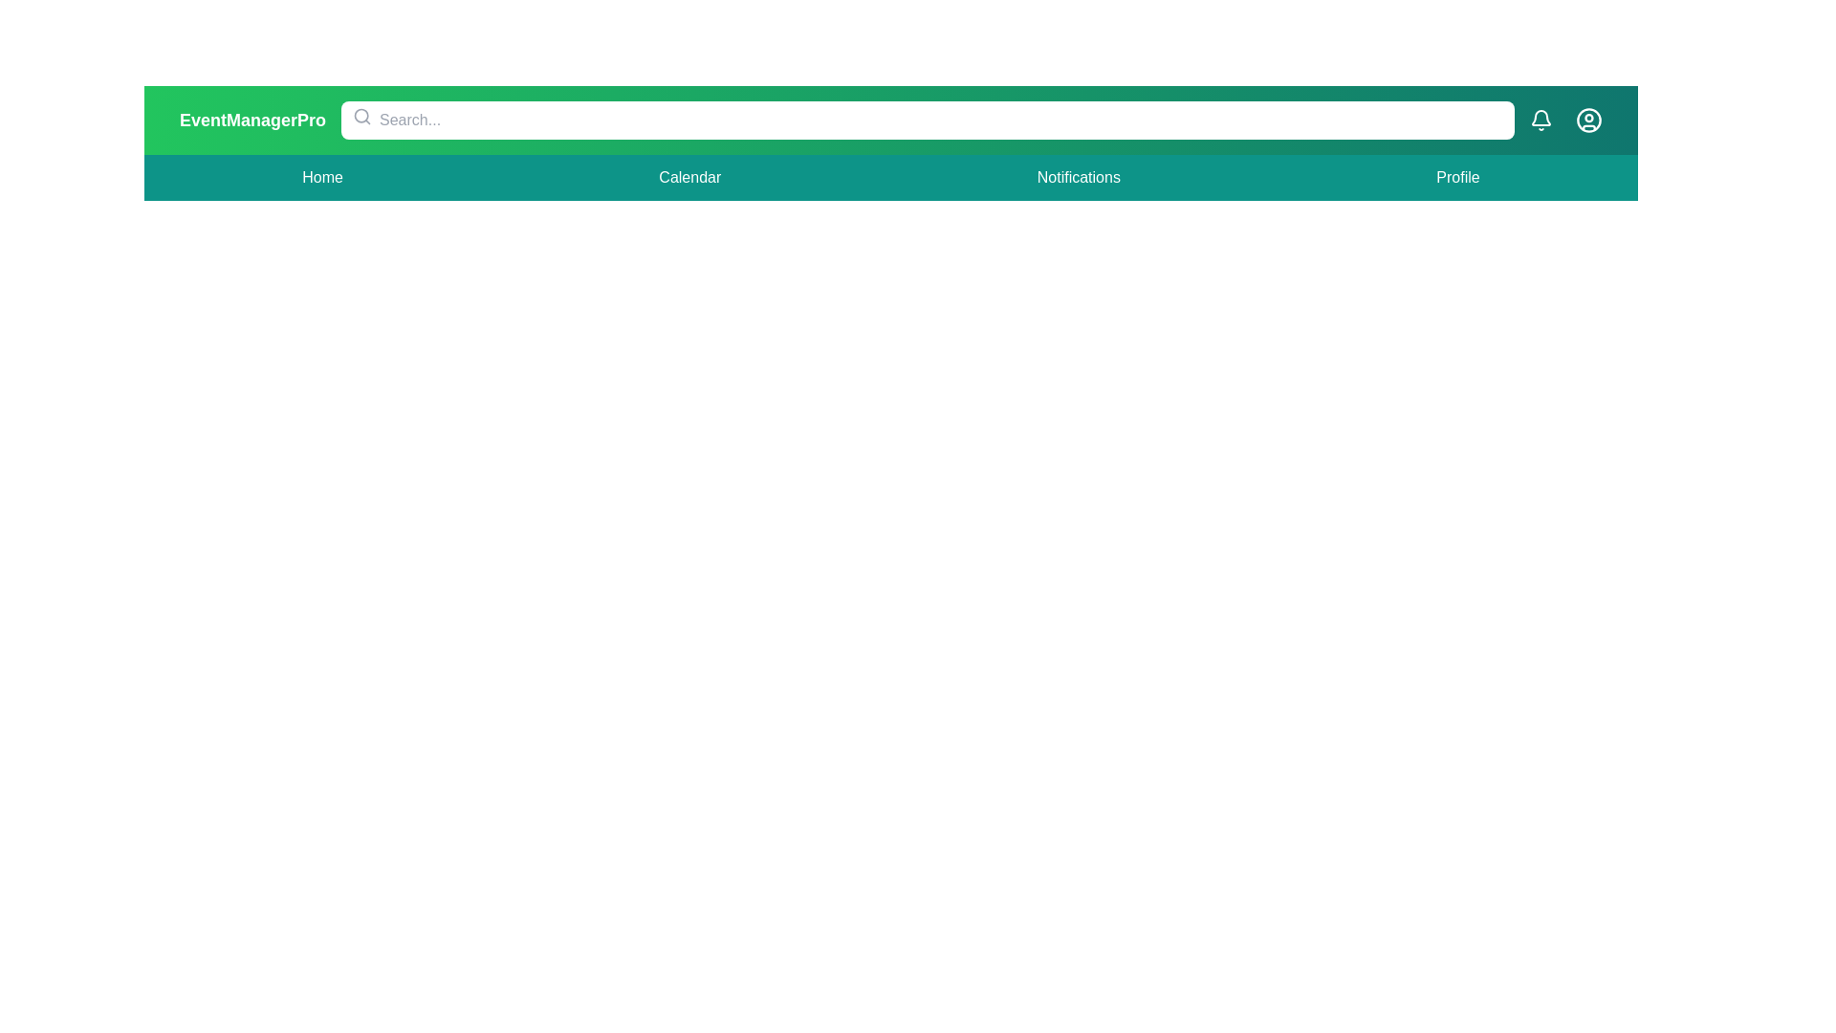 The image size is (1836, 1033). What do you see at coordinates (251, 121) in the screenshot?
I see `the 'EventManagerPro' title text` at bounding box center [251, 121].